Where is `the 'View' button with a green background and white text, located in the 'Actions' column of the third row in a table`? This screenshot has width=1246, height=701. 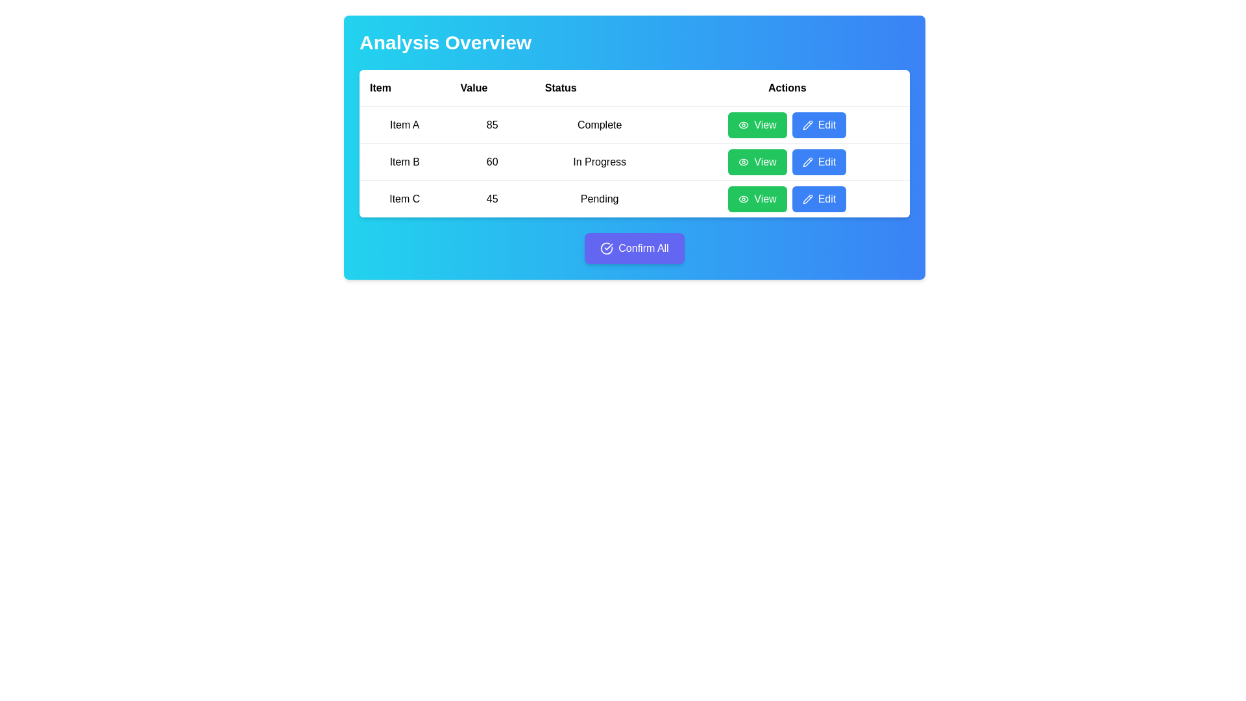 the 'View' button with a green background and white text, located in the 'Actions' column of the third row in a table is located at coordinates (757, 199).